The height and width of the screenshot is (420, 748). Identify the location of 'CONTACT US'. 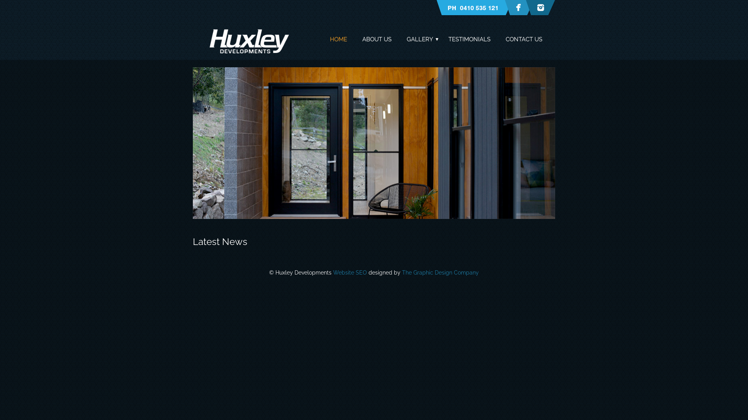
(524, 39).